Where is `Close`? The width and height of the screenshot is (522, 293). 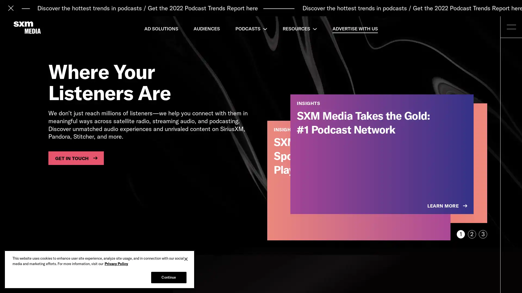 Close is located at coordinates (186, 259).